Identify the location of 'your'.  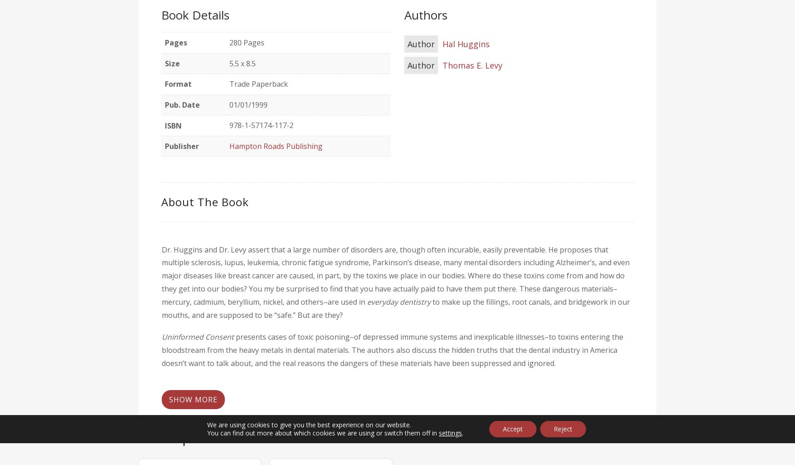
(302, 411).